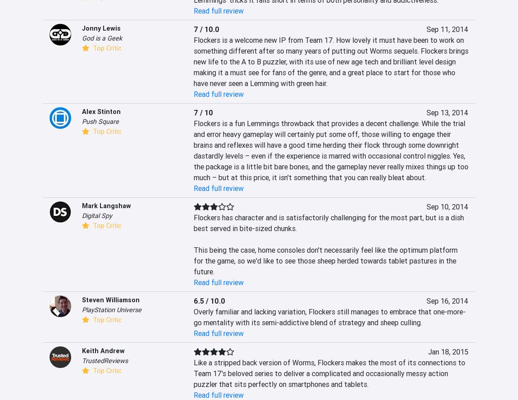 This screenshot has height=400, width=518. I want to click on 'Jonny Lewis', so click(101, 27).